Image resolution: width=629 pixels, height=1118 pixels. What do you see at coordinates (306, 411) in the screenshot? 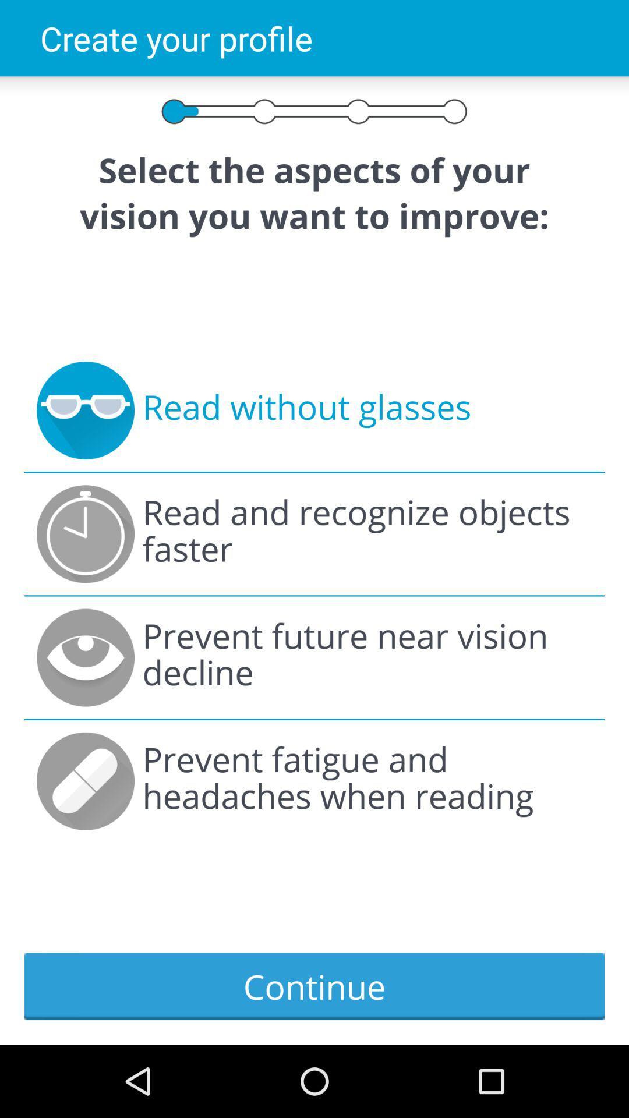
I see `item above read and recognize item` at bounding box center [306, 411].